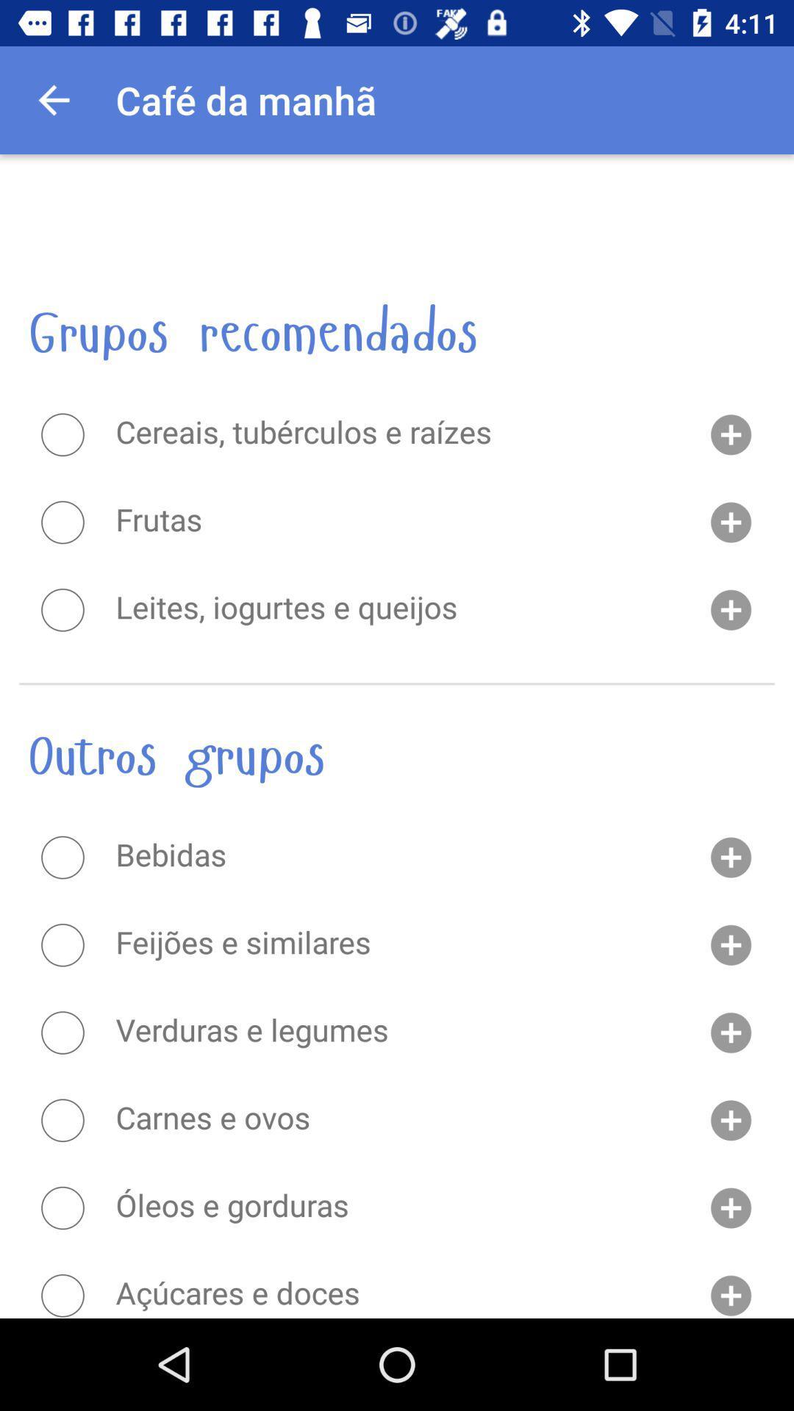 The image size is (794, 1411). I want to click on oil and fat, so click(62, 1207).